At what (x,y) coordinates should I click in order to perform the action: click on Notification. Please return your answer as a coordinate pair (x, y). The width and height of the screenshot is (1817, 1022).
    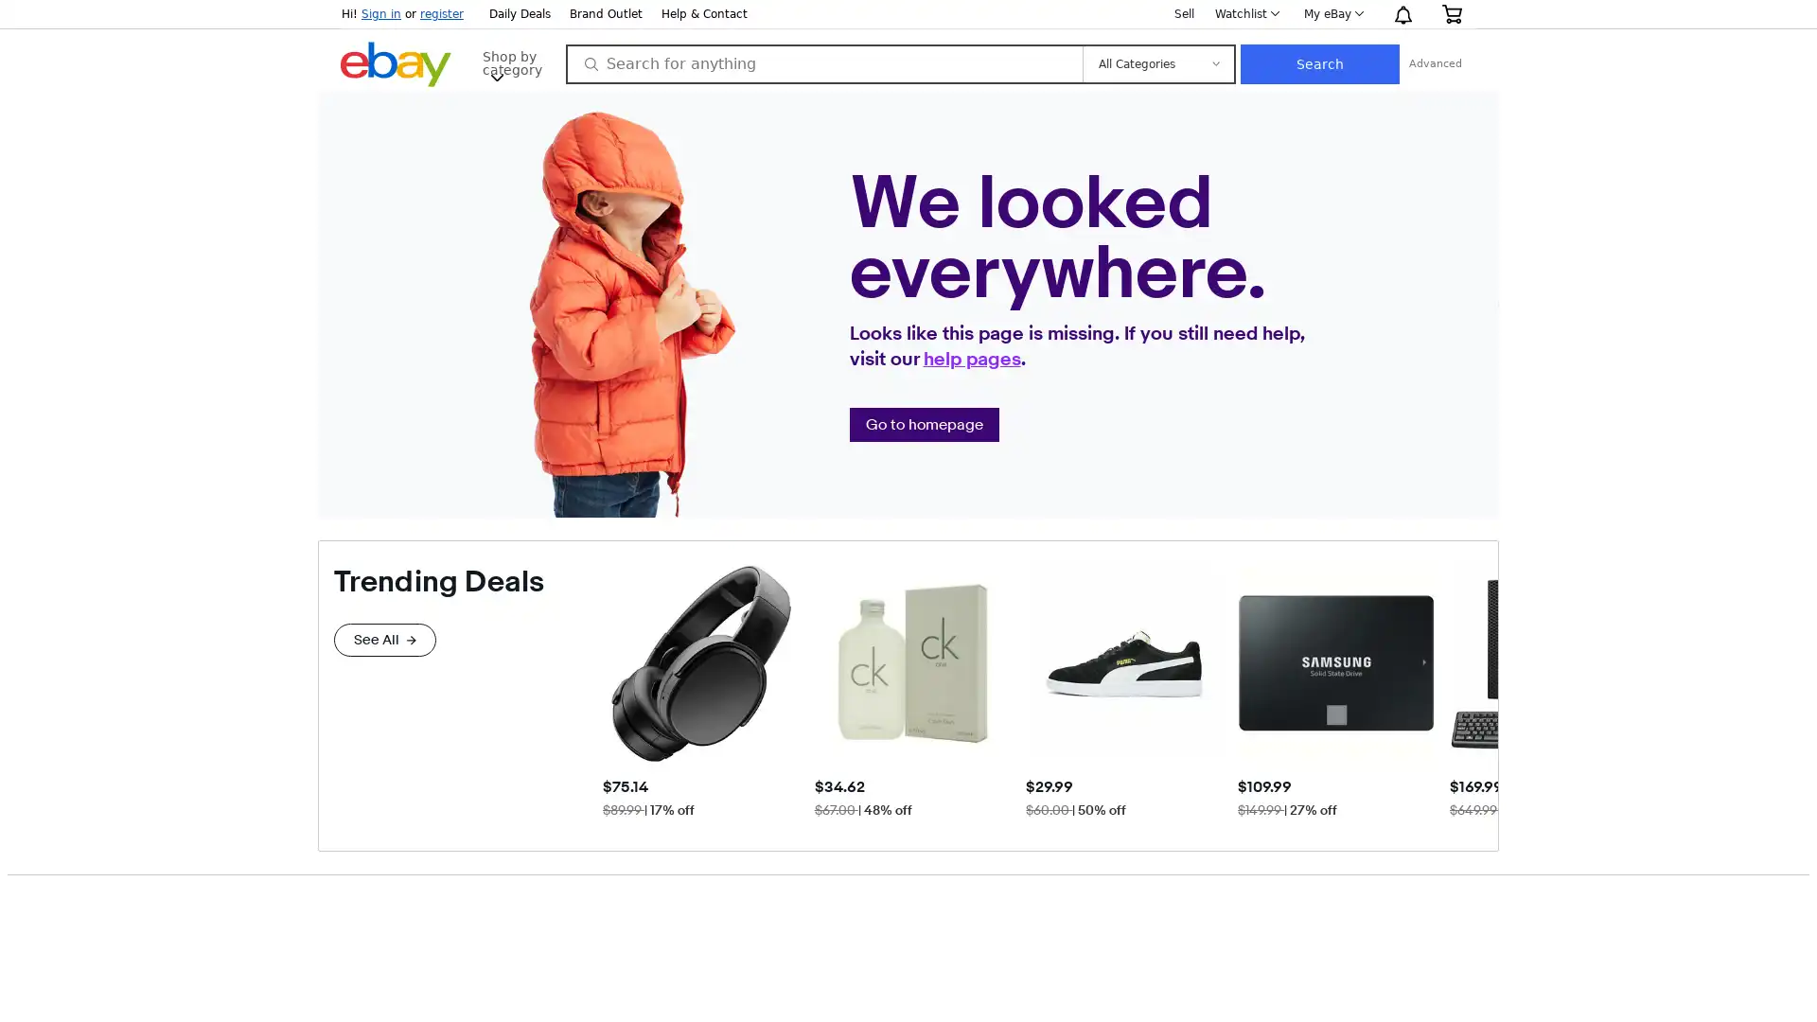
    Looking at the image, I should click on (1402, 14).